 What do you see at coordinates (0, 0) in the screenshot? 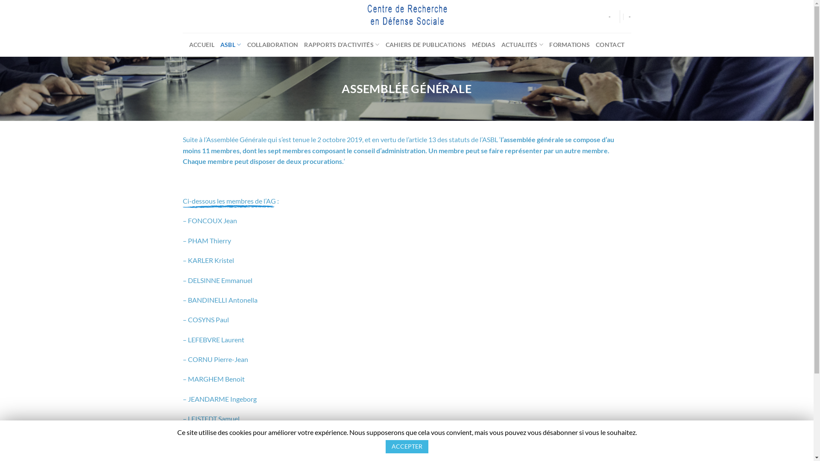
I see `'Skip to content'` at bounding box center [0, 0].